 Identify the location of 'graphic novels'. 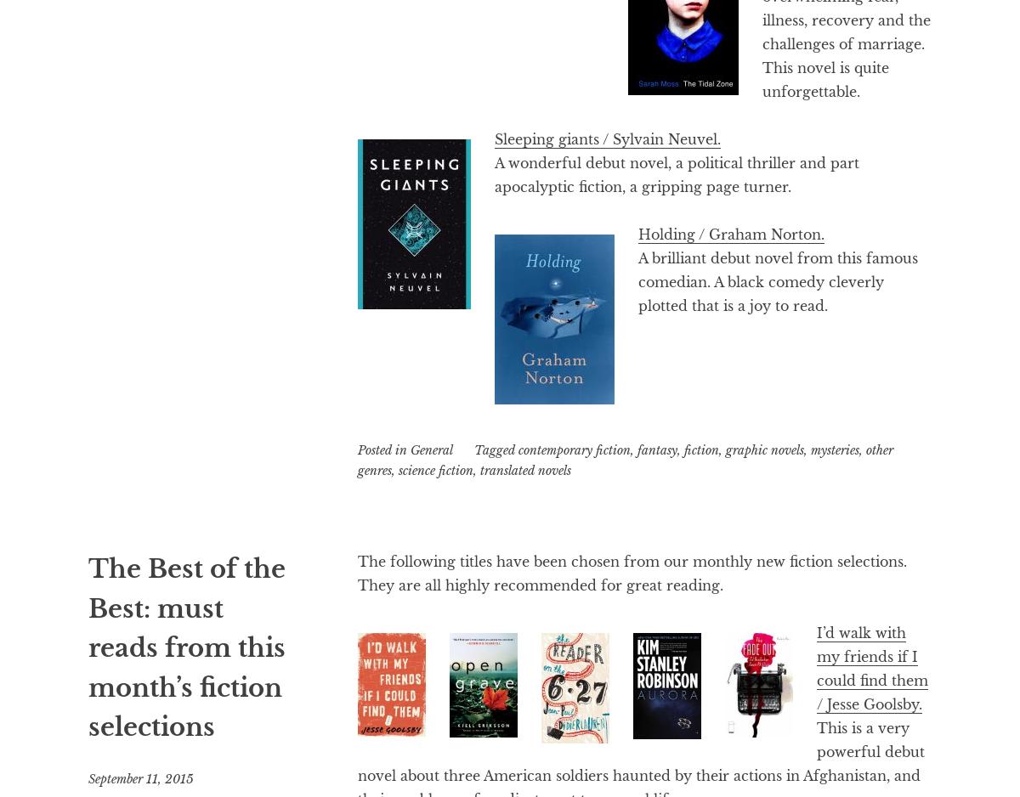
(763, 449).